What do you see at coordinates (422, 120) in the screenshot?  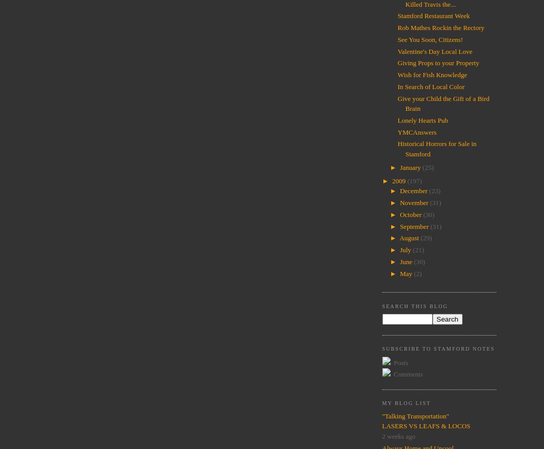 I see `'Lonely Hearts Pub'` at bounding box center [422, 120].